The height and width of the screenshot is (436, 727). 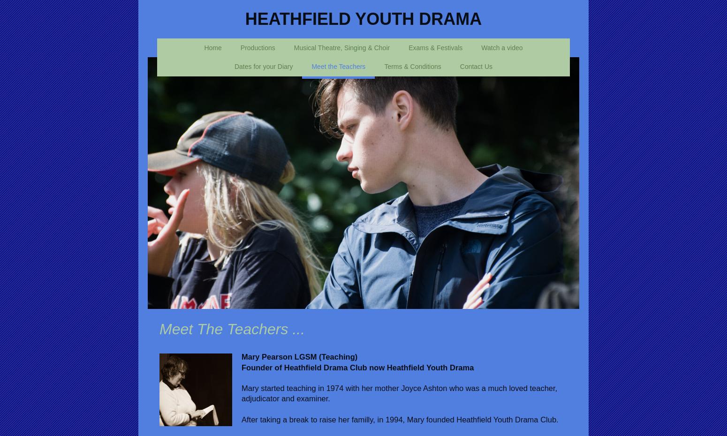 What do you see at coordinates (257, 47) in the screenshot?
I see `'Productions'` at bounding box center [257, 47].